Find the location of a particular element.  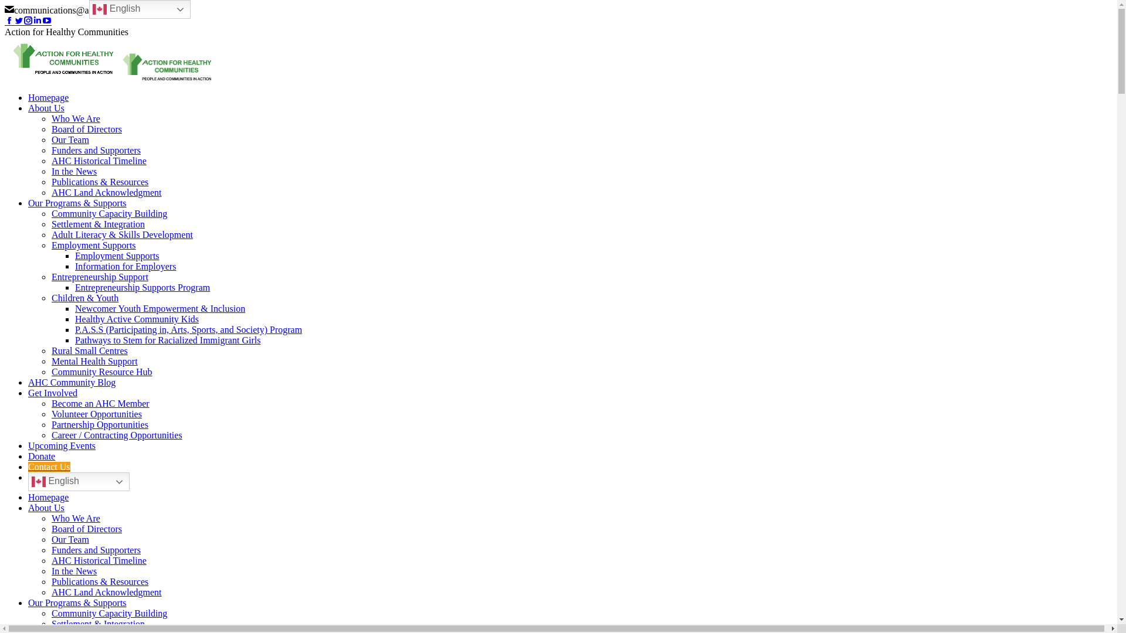

'Homepage' is located at coordinates (48, 497).